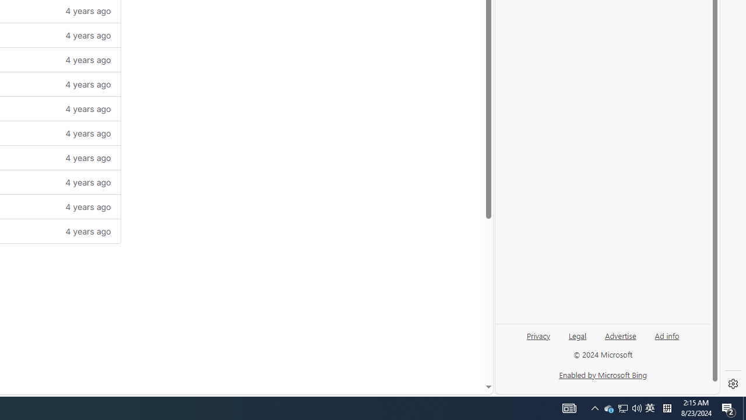  What do you see at coordinates (578, 335) in the screenshot?
I see `'Legal'` at bounding box center [578, 335].